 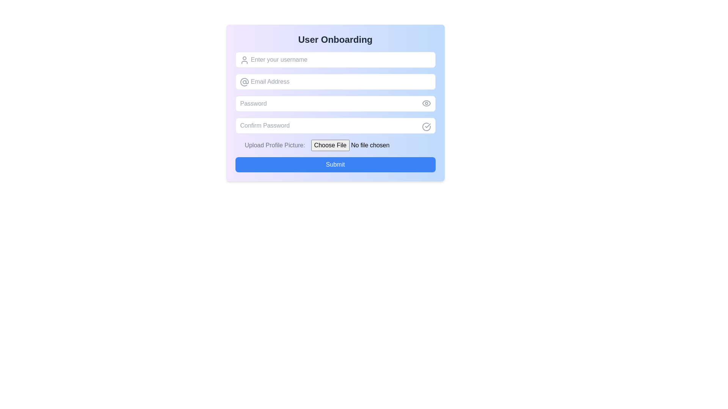 What do you see at coordinates (335, 145) in the screenshot?
I see `the File upload component located near the bottom of the form, directly above the blue 'Submit' button` at bounding box center [335, 145].